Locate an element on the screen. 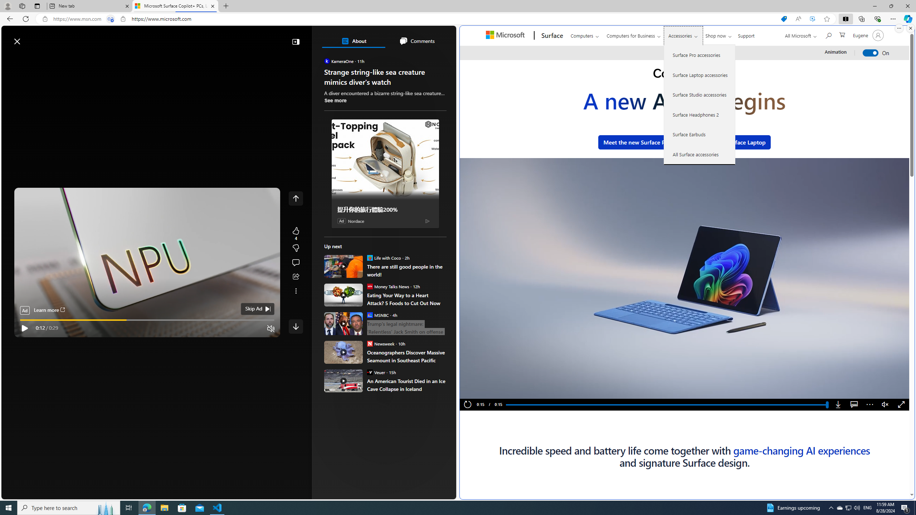 The width and height of the screenshot is (916, 515). 'There are still good people in the world!' is located at coordinates (406, 270).